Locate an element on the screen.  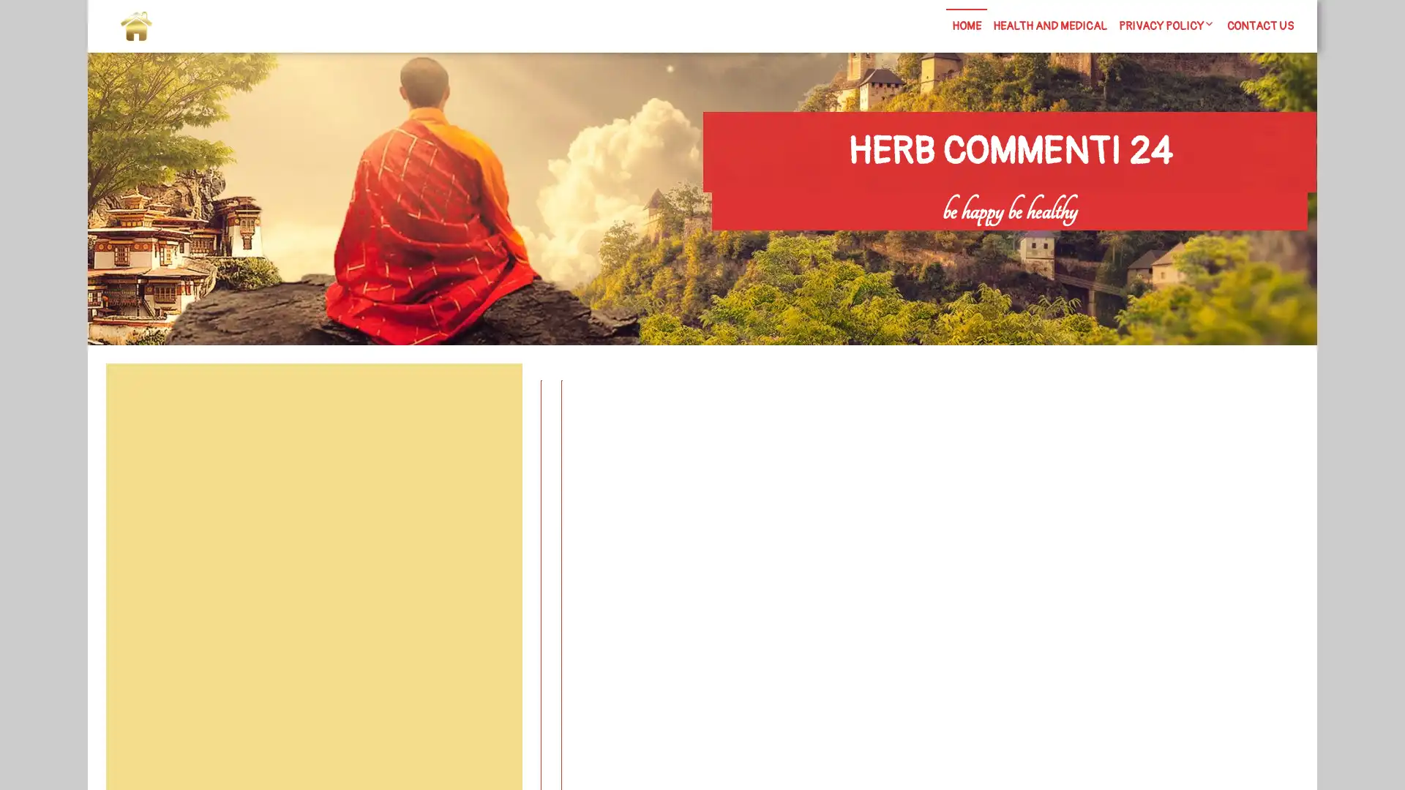
Search is located at coordinates (488, 399).